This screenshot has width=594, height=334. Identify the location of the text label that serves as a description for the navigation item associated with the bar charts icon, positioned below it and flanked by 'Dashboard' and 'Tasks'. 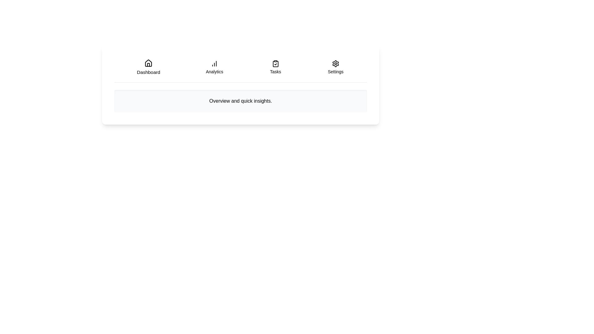
(214, 71).